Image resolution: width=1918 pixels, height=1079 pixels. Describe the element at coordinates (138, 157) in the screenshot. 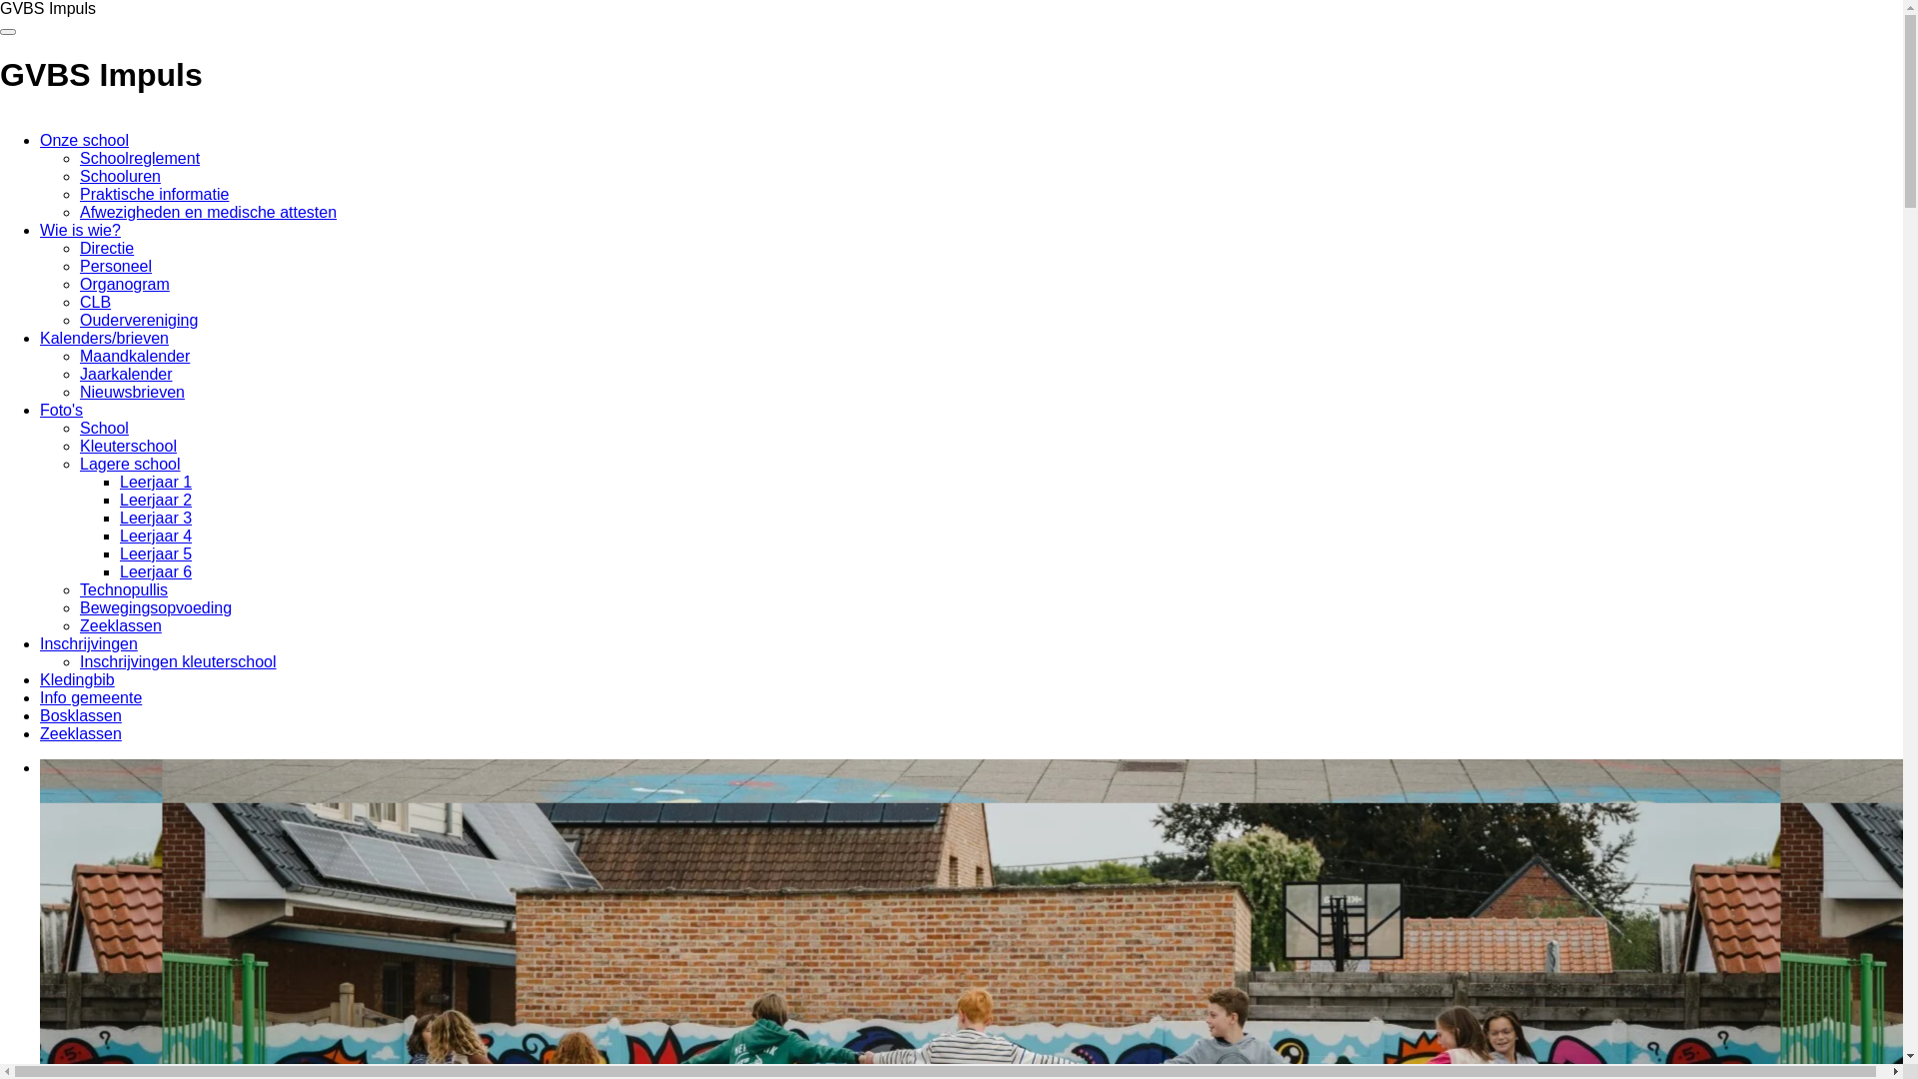

I see `'Schoolreglement'` at that location.